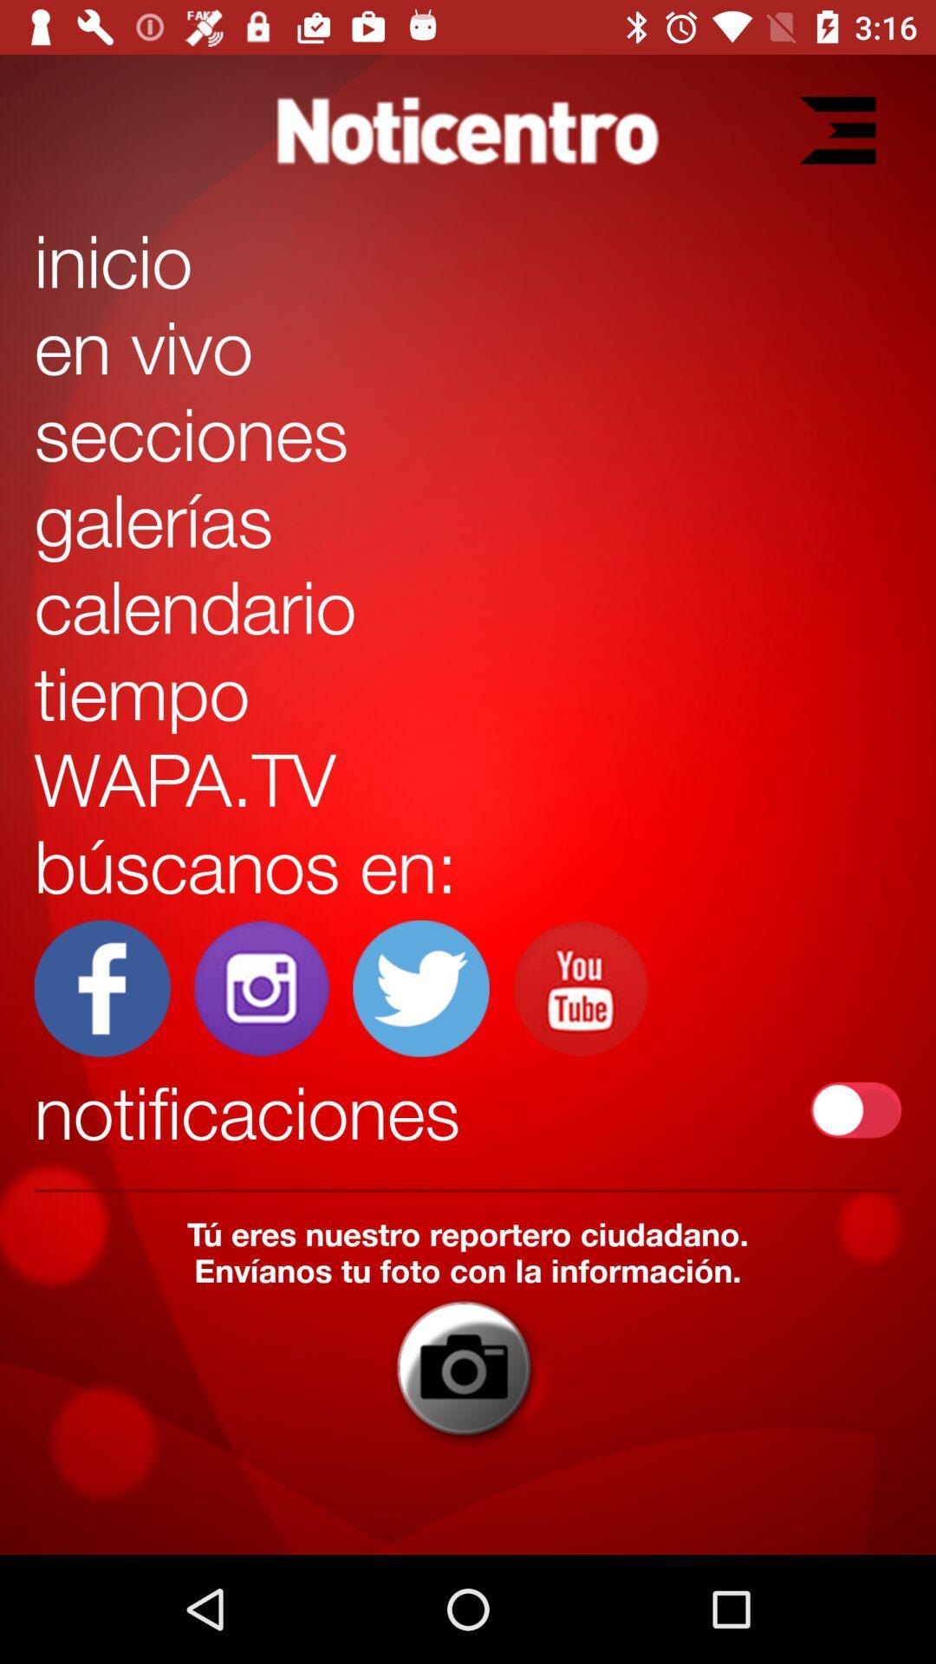 This screenshot has width=936, height=1664. I want to click on to add extension bar, so click(836, 128).